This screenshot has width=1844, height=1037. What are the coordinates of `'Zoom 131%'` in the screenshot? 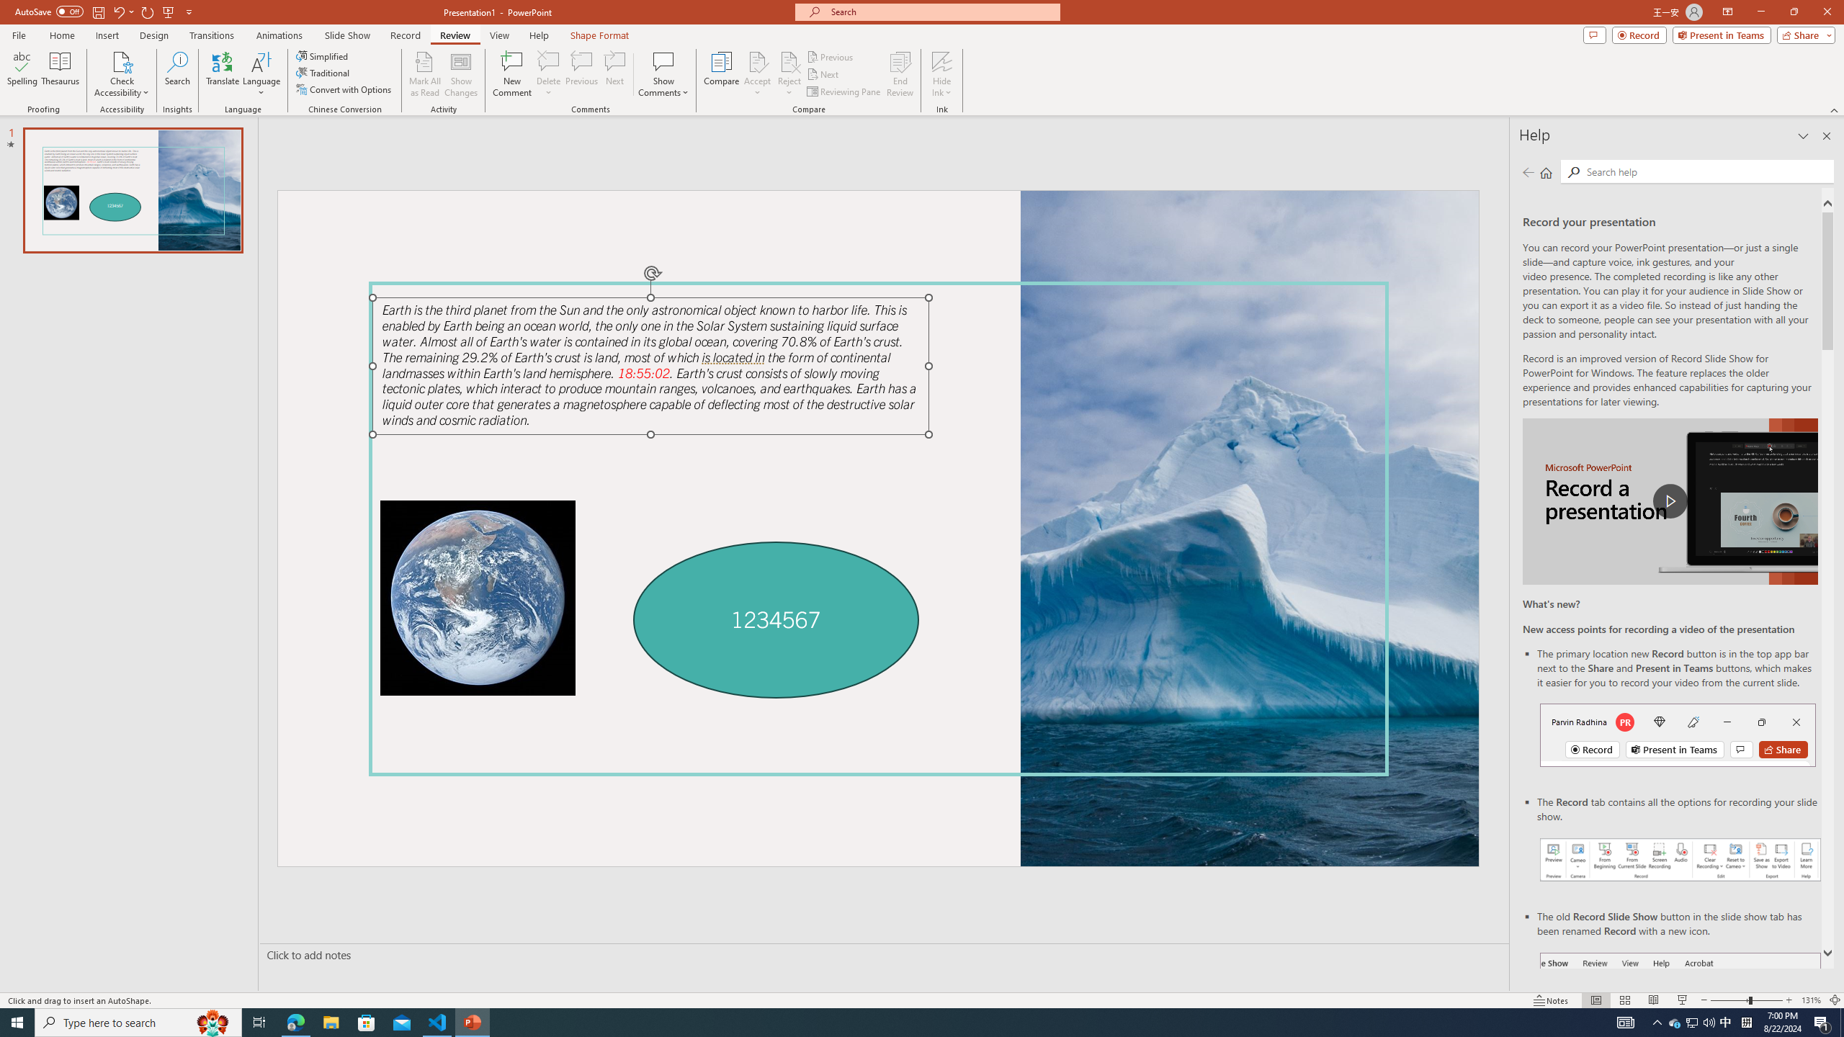 It's located at (1812, 1000).